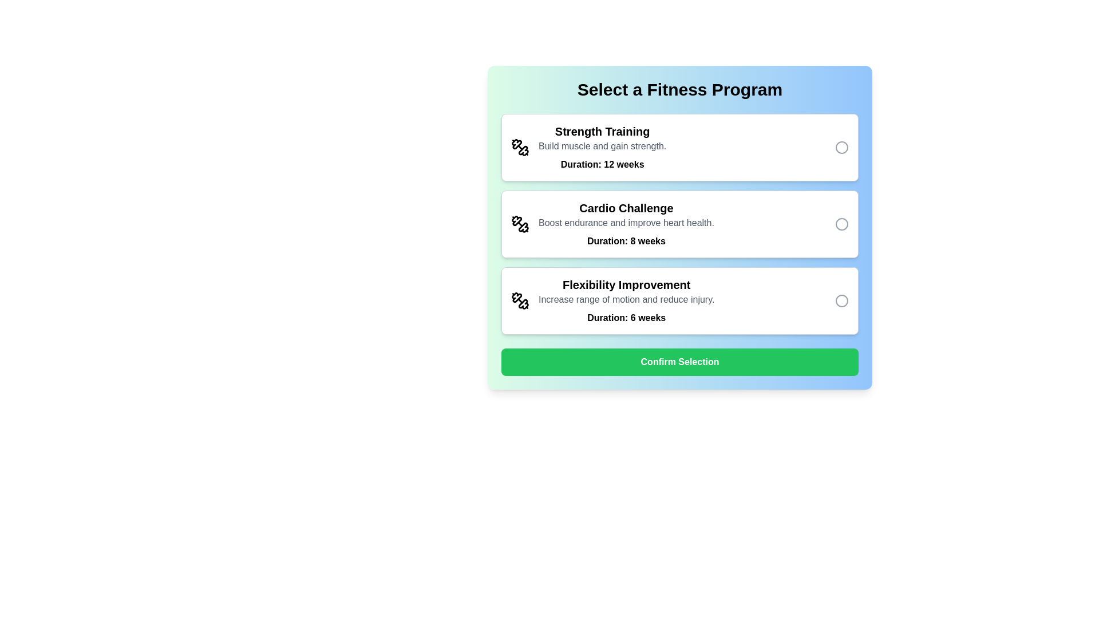  Describe the element at coordinates (841, 224) in the screenshot. I see `the radio button located within the 'Cardio Challenge' box, which is a circular graphic styled as a radio button with a gray color and a smaller inner circle for selection, positioned to the right of the text 'Duration: 8 weeks'` at that location.